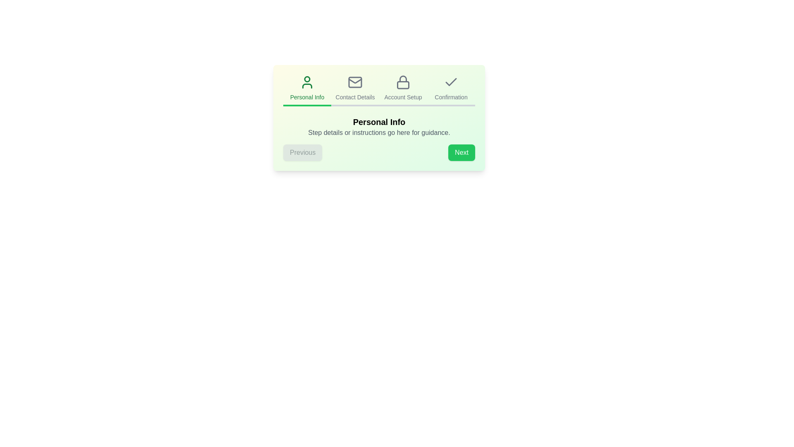  Describe the element at coordinates (355, 91) in the screenshot. I see `the step icon or title corresponding to Contact Details` at that location.